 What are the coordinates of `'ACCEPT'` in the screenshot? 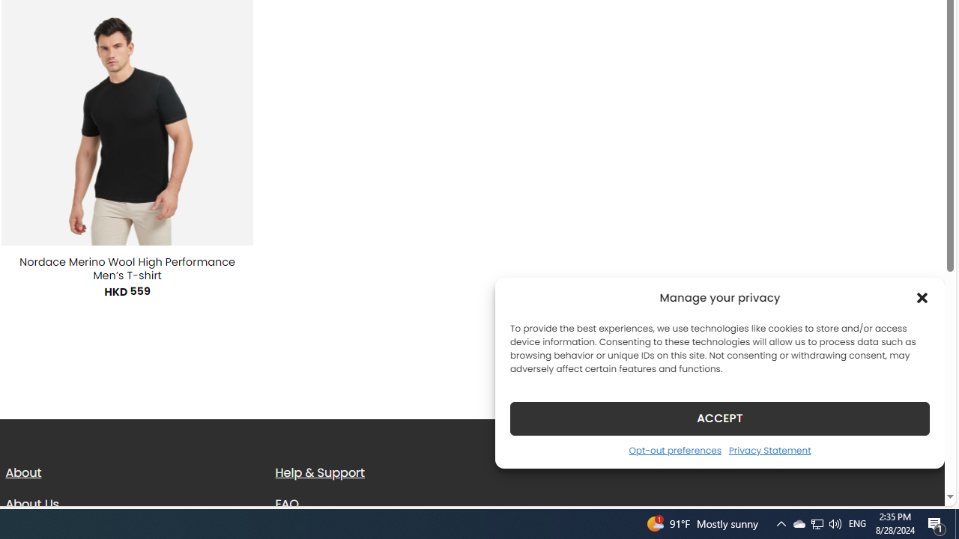 It's located at (720, 418).